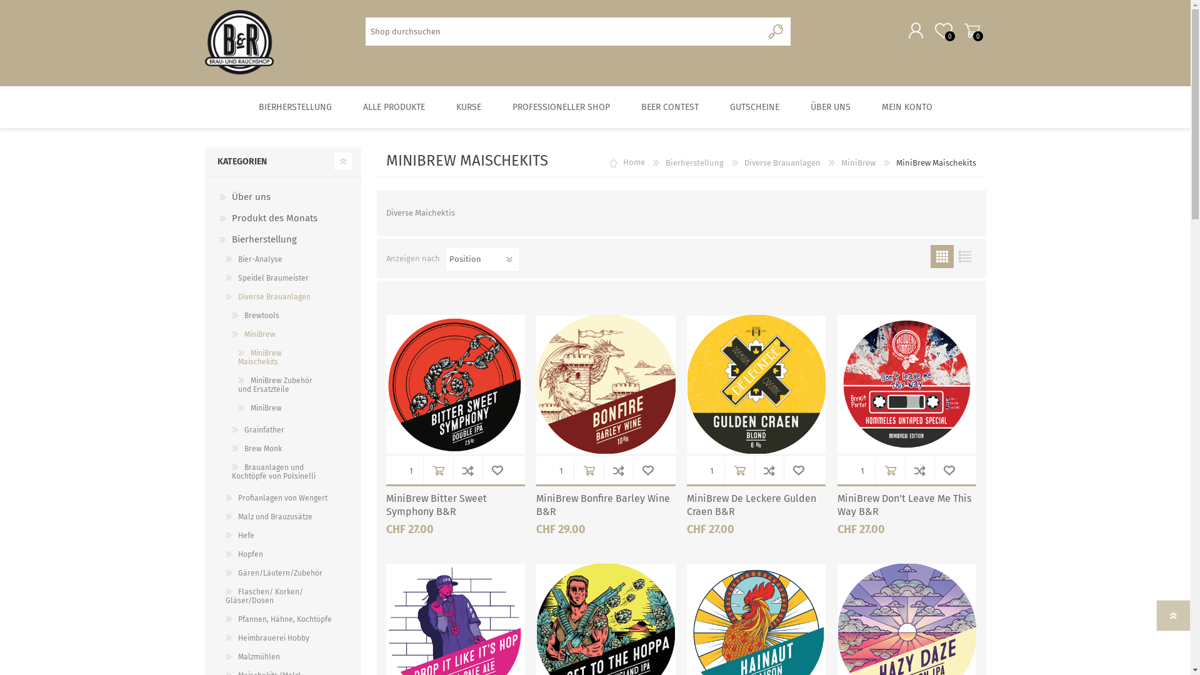 Image resolution: width=1200 pixels, height=675 pixels. What do you see at coordinates (797, 470) in the screenshot?
I see `'WUNSCHLISTE'` at bounding box center [797, 470].